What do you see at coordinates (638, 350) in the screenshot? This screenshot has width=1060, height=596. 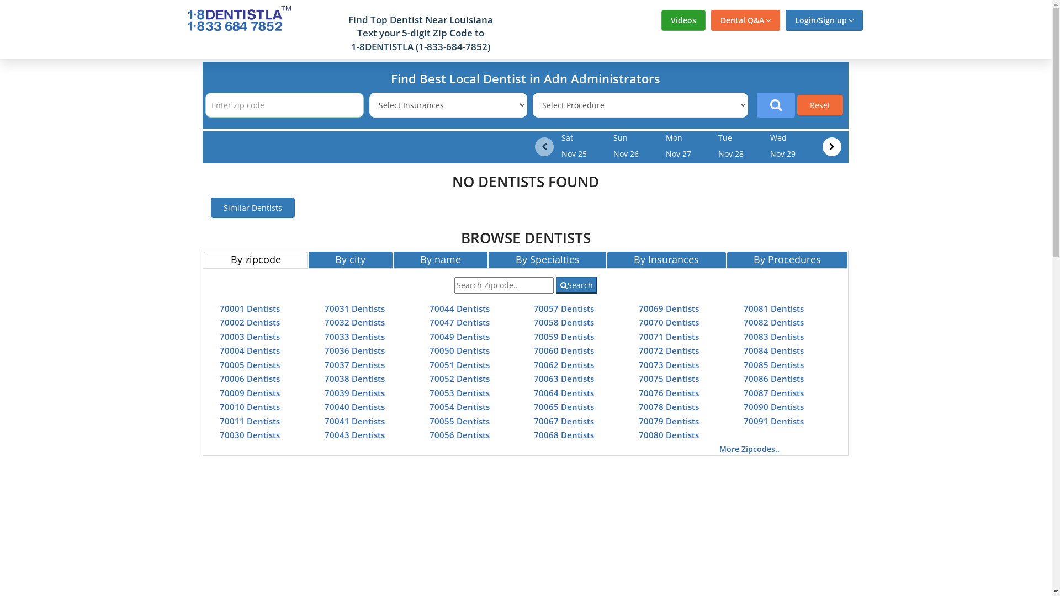 I see `'70072 Dentists'` at bounding box center [638, 350].